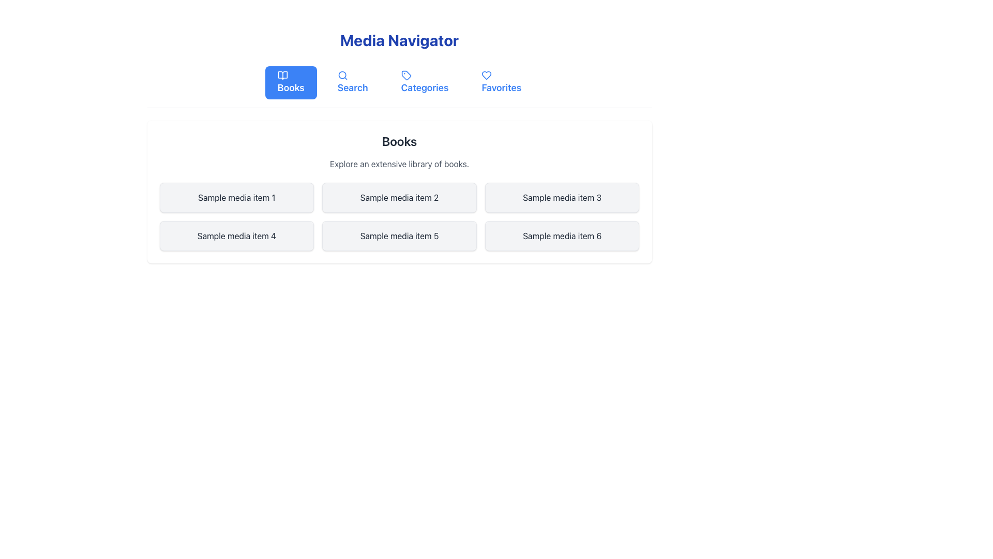  What do you see at coordinates (425, 82) in the screenshot?
I see `the 'Categories' button` at bounding box center [425, 82].